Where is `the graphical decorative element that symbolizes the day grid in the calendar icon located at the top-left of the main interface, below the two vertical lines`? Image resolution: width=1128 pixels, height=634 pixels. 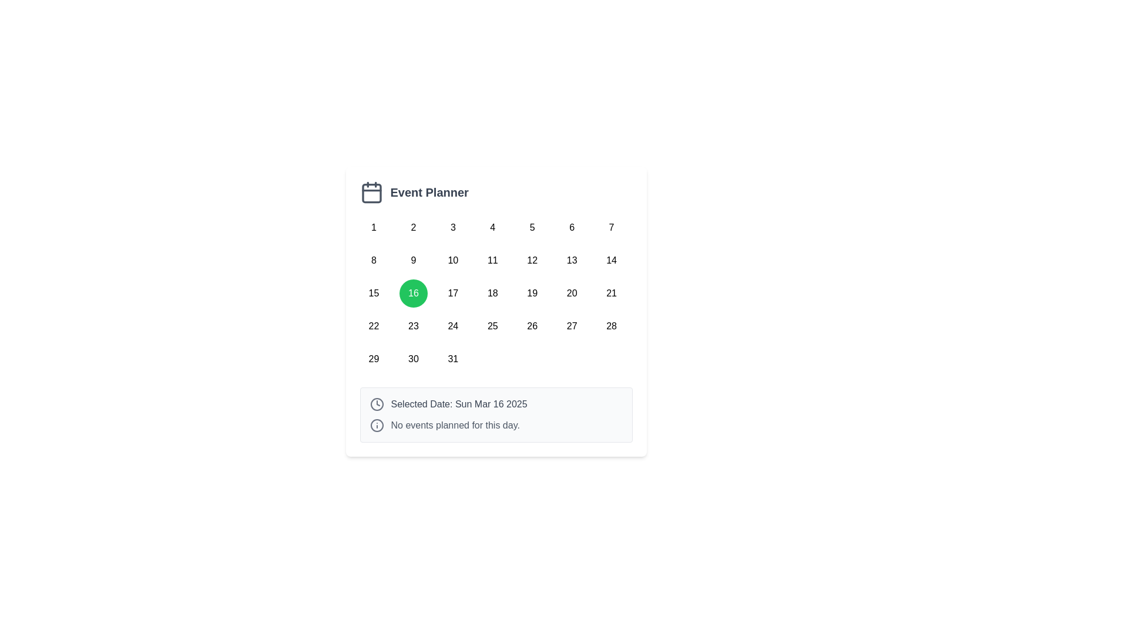
the graphical decorative element that symbolizes the day grid in the calendar icon located at the top-left of the main interface, below the two vertical lines is located at coordinates (371, 193).